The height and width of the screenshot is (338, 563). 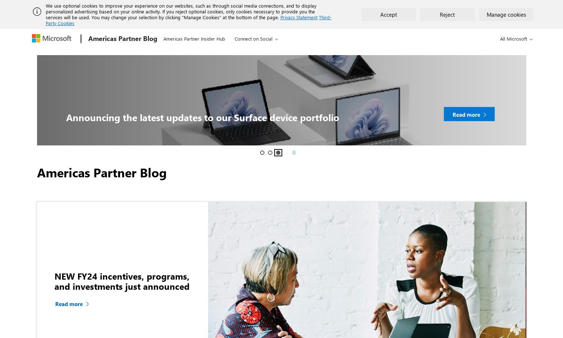 I want to click on '#AllPartners', so click(x=443, y=270).